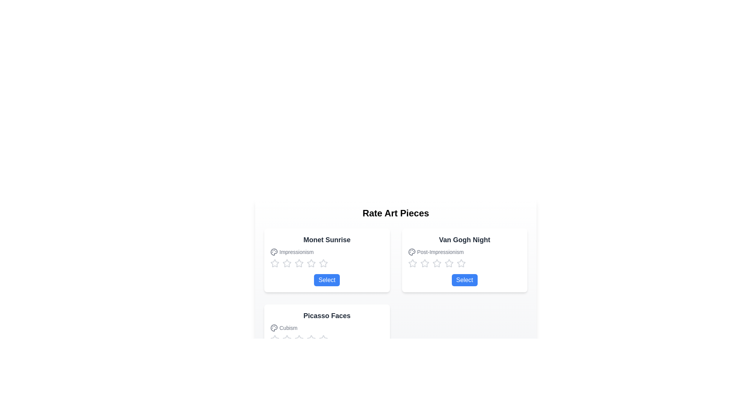  Describe the element at coordinates (461, 263) in the screenshot. I see `the fourth star icon in the rating system under the 'Van Gogh Night' card` at that location.